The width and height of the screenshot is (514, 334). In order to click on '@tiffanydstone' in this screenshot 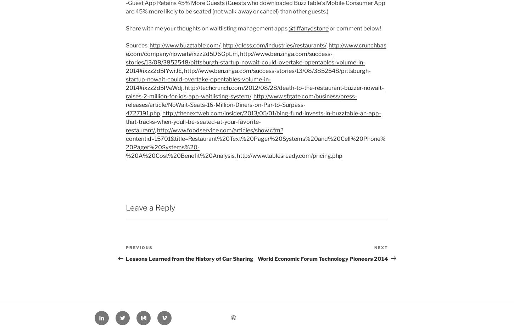, I will do `click(308, 28)`.